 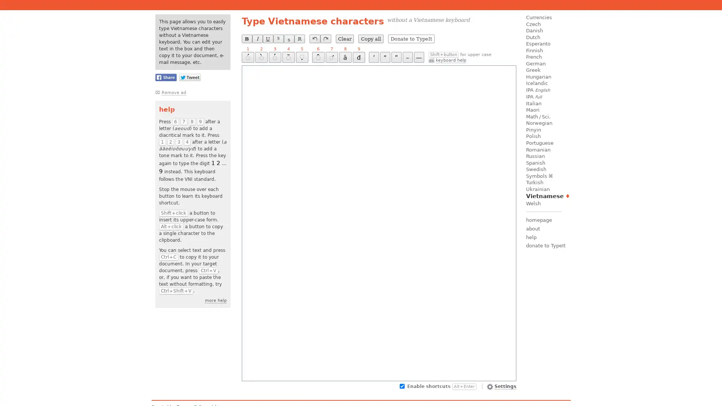 I want to click on Clear, so click(x=344, y=39).